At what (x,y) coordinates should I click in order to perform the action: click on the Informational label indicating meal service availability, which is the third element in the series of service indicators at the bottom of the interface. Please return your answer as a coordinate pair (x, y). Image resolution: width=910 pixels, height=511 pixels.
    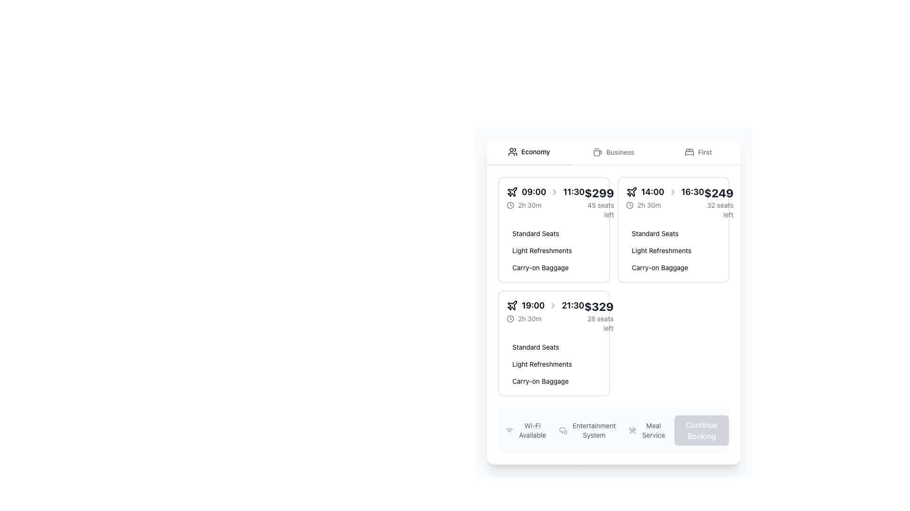
    Looking at the image, I should click on (647, 431).